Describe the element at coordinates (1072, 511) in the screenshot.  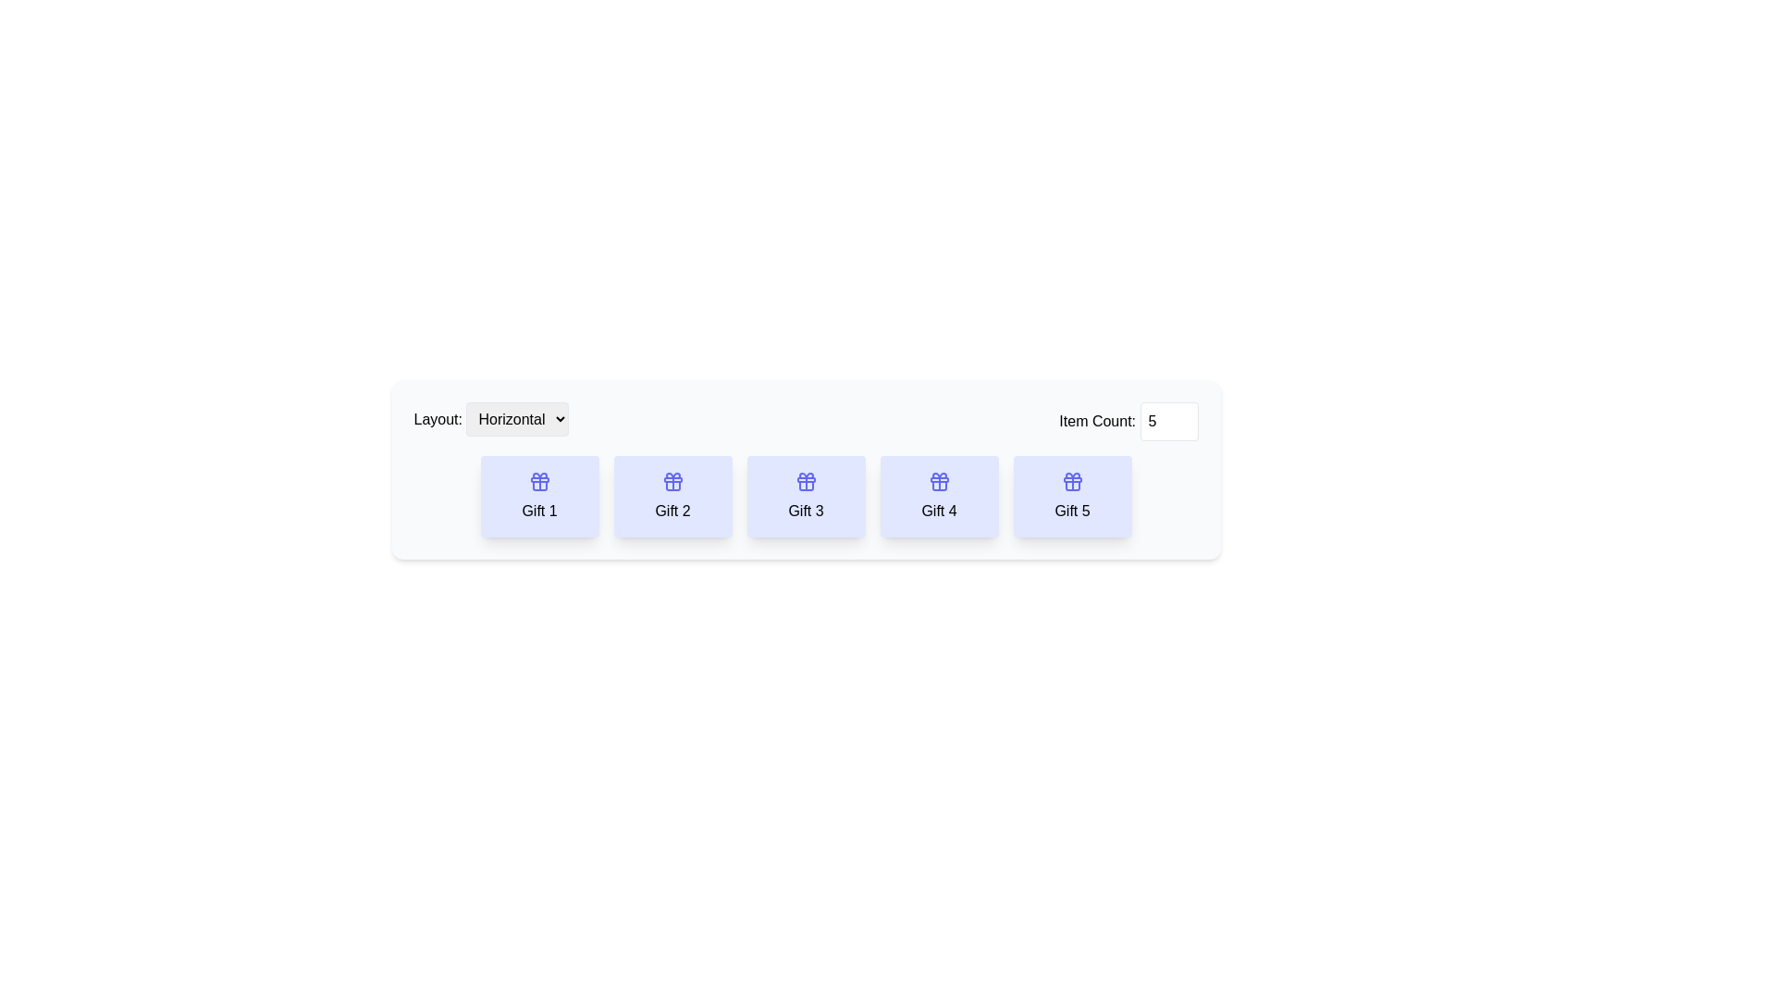
I see `text of the label identifying the fifth item, labeled 'Gift 5', located at the lower part of the fifth tile in a horizontally aligned row of tiles` at that location.